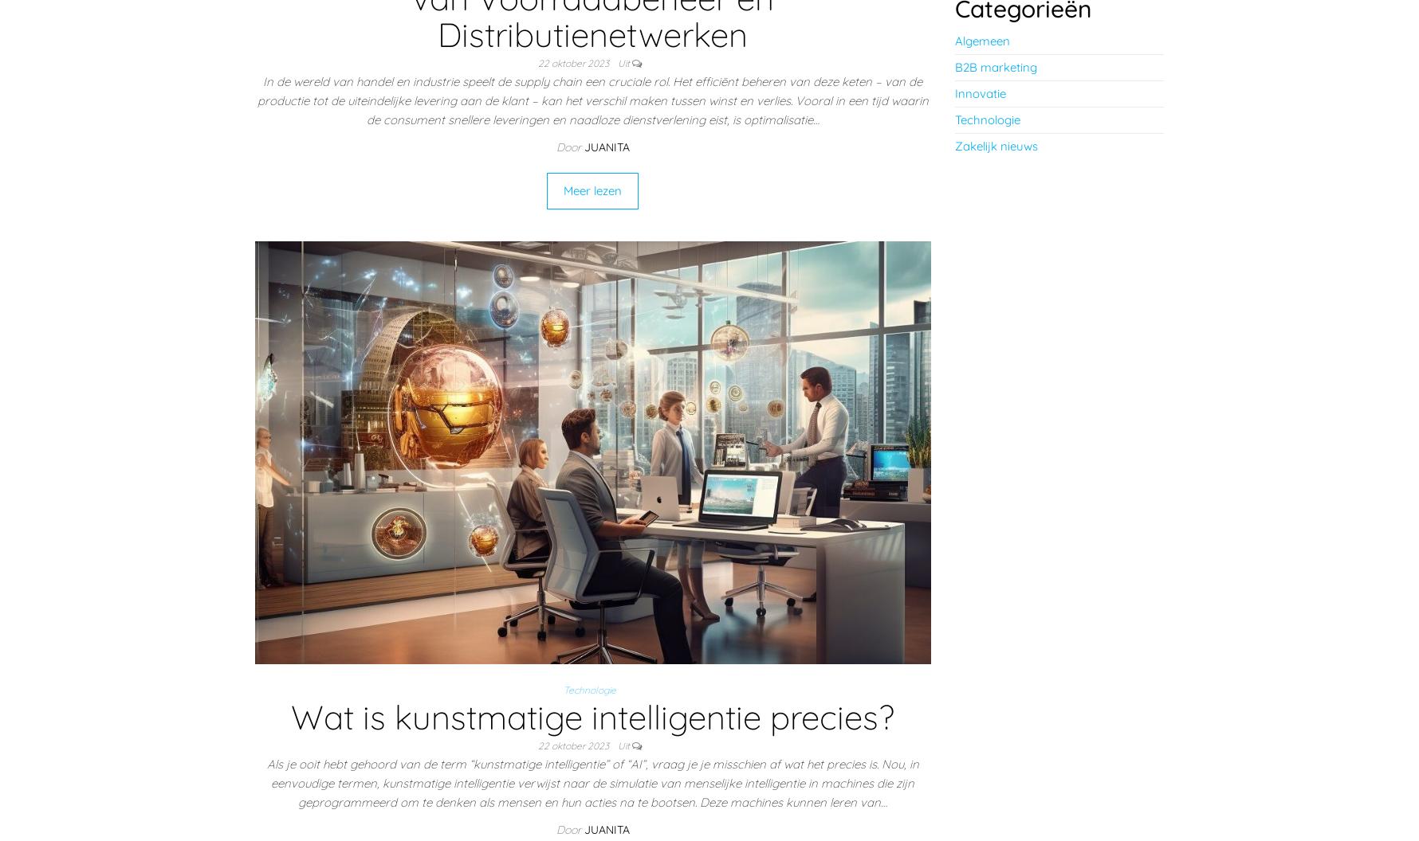  Describe the element at coordinates (954, 92) in the screenshot. I see `'Innovatie'` at that location.